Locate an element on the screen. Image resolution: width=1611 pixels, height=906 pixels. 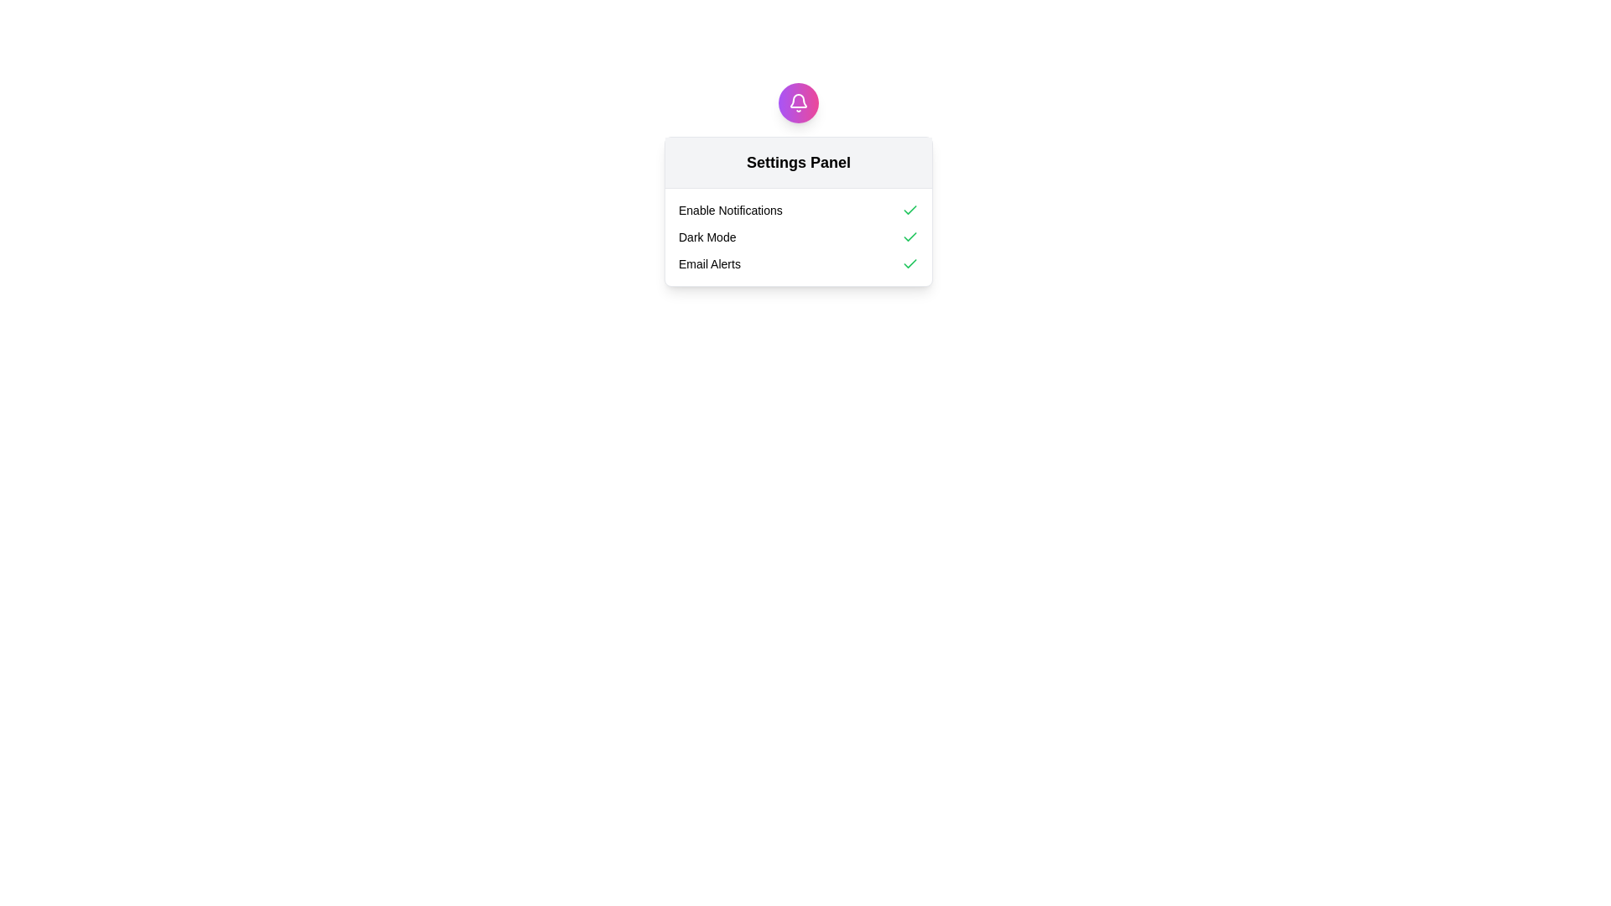
the notification bell icon, which is represented by a pink gradient SVG element located above the 'Settings Panel' heading is located at coordinates (797, 101).